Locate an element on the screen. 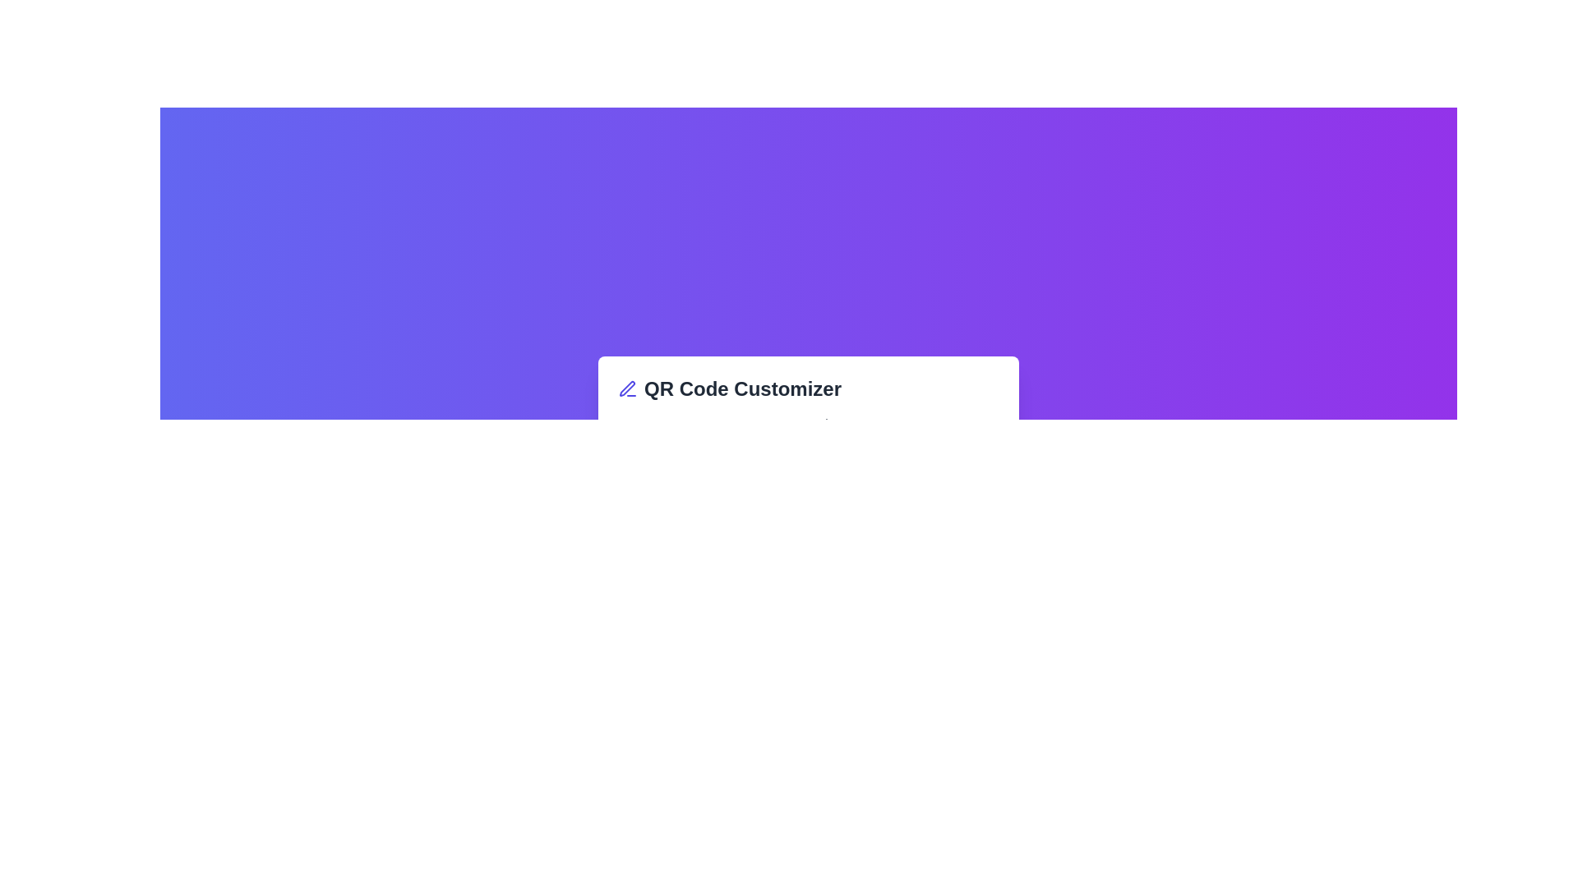 The height and width of the screenshot is (887, 1578). the pen-shaped icon located to the left of the 'QR Code Customizer' text in the title section is located at coordinates (626, 389).